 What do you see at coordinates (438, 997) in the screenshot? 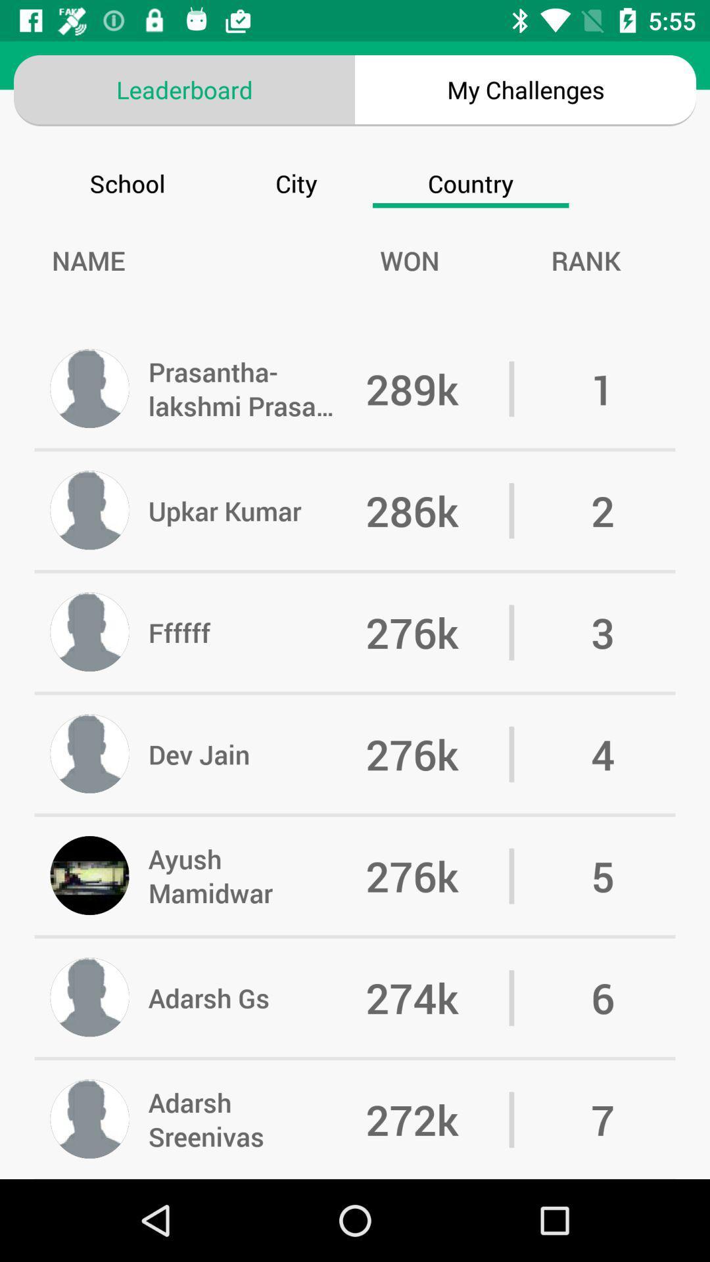
I see `move to the text which is right to the text adarsh gs` at bounding box center [438, 997].